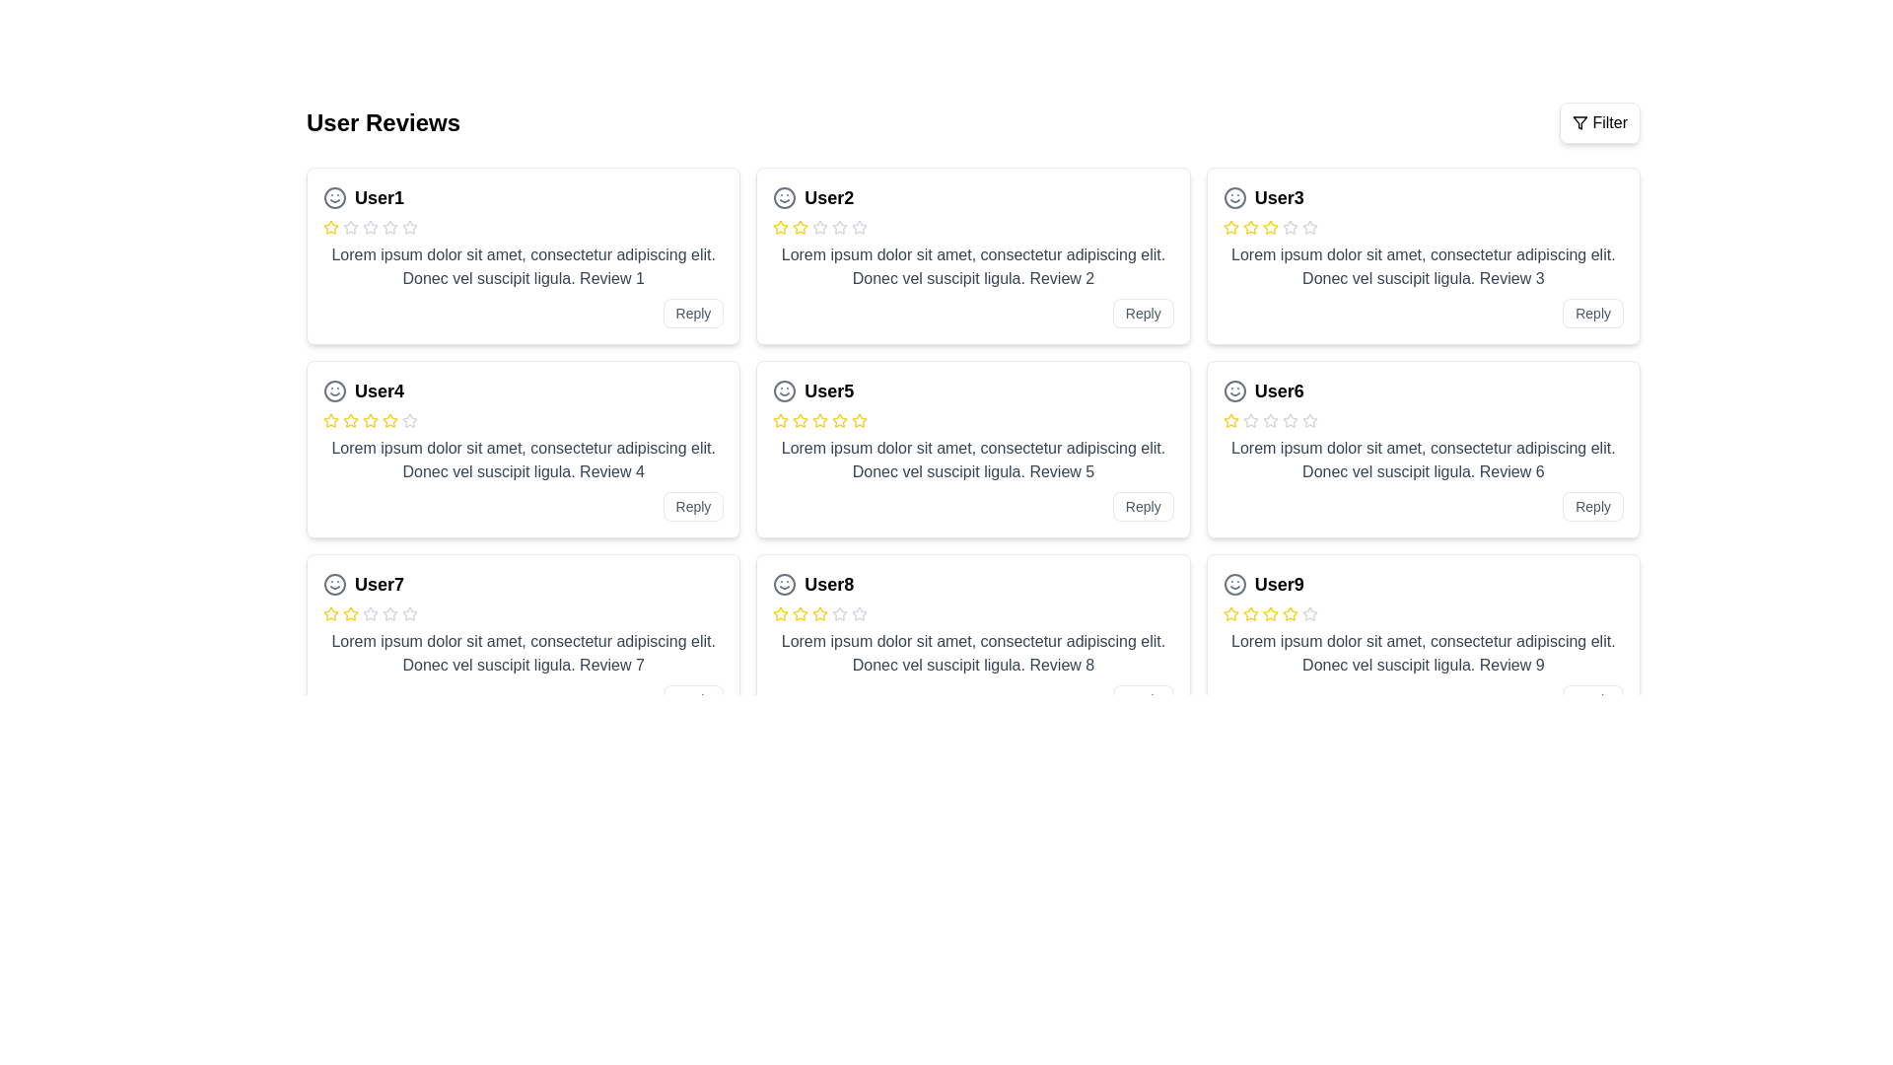  Describe the element at coordinates (1233, 197) in the screenshot. I see `SVG Circle element that is part of the smiley face icon located at the top-left corner of the 'User3' review card` at that location.